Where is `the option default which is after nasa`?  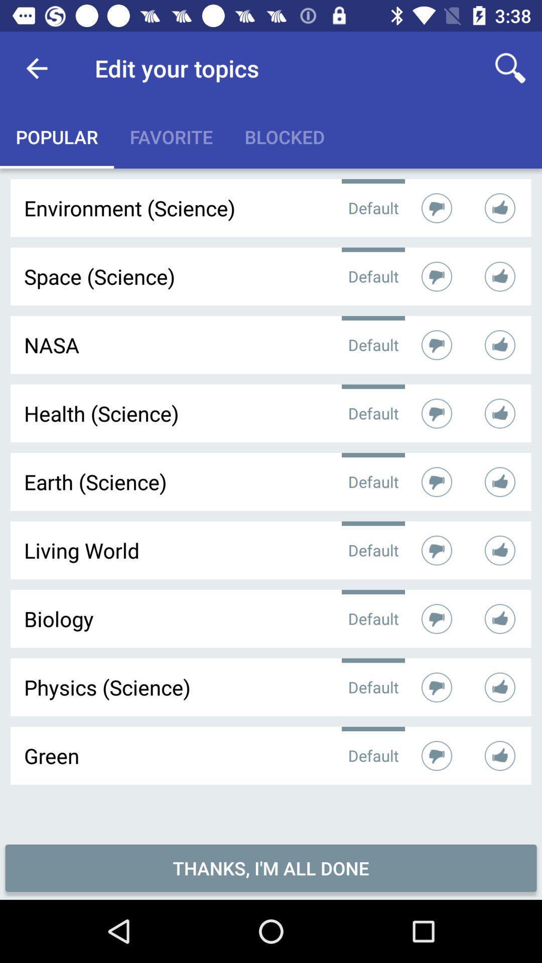 the option default which is after nasa is located at coordinates (373, 345).